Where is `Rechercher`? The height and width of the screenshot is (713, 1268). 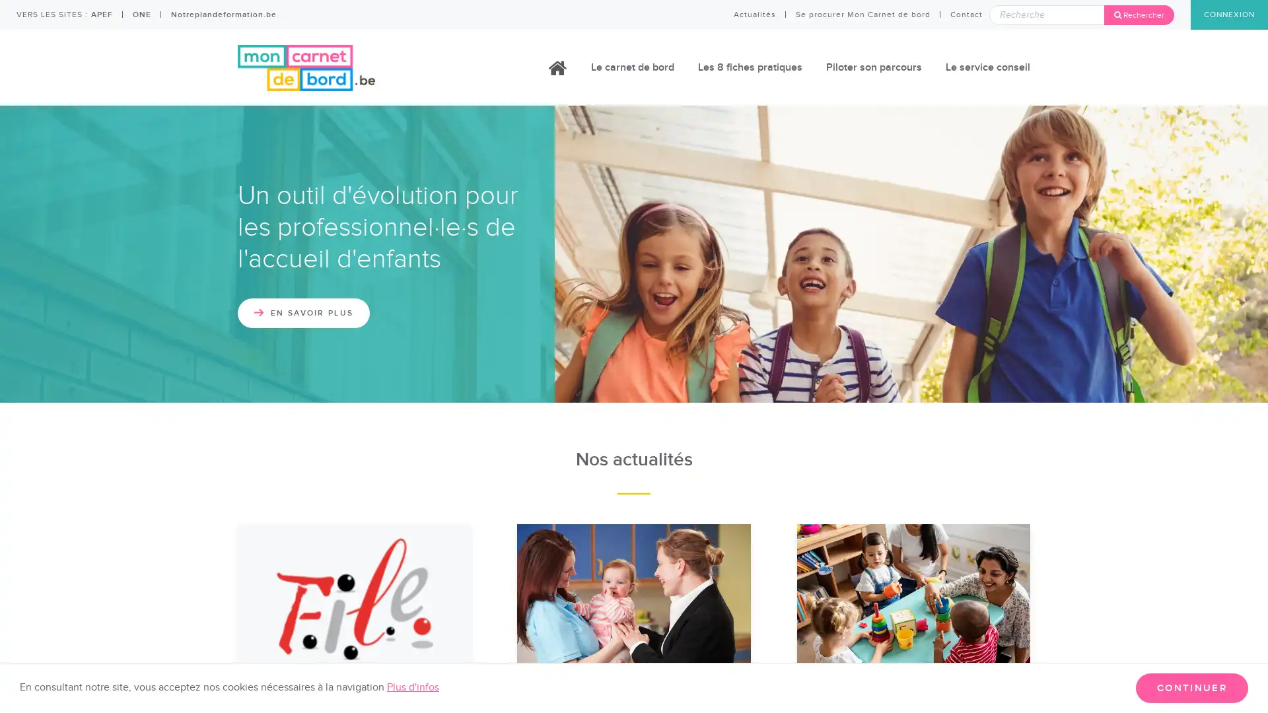
Rechercher is located at coordinates (1138, 15).